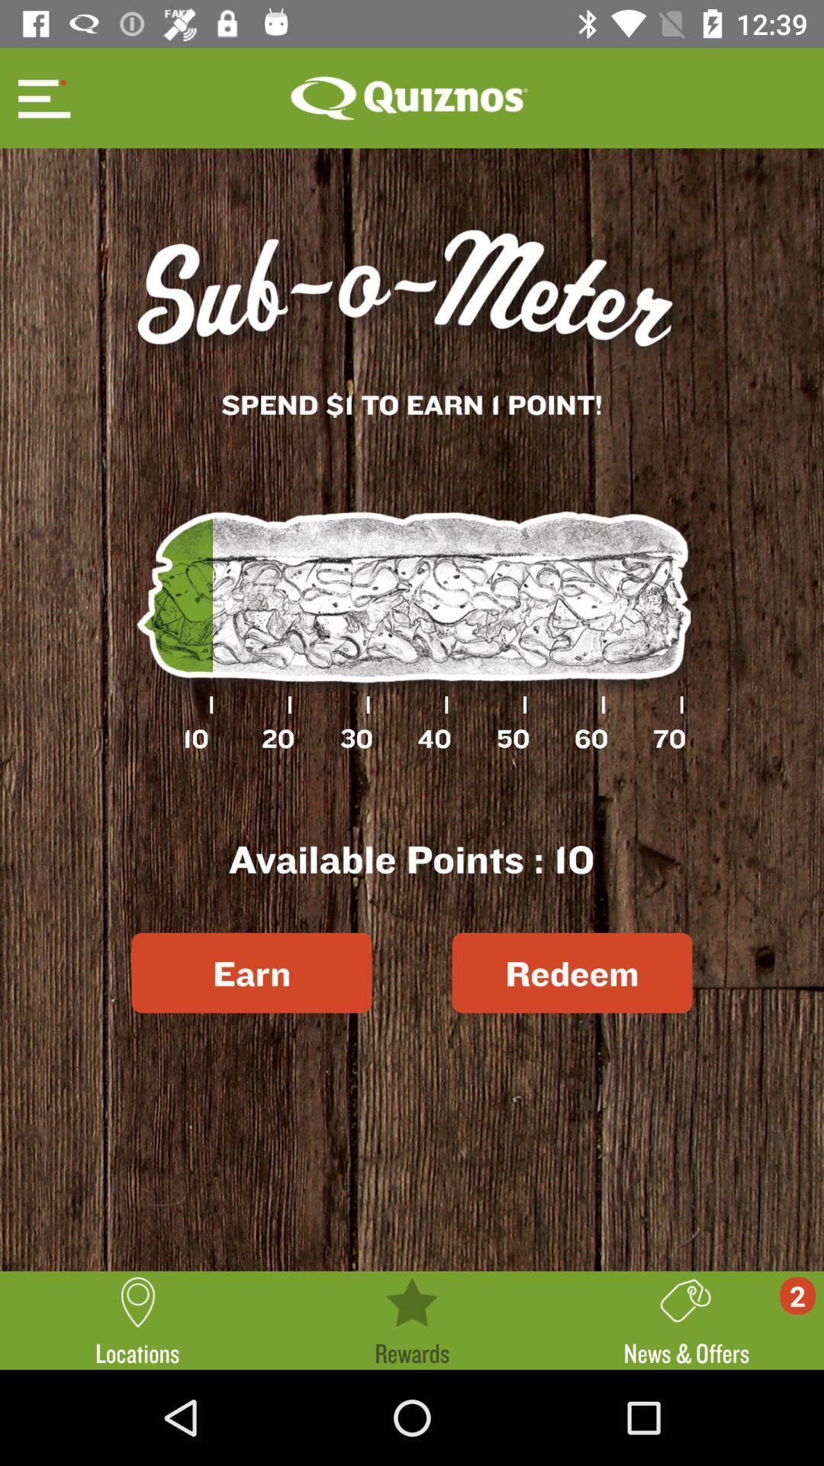 This screenshot has height=1466, width=824. I want to click on the filter_list icon, so click(41, 97).